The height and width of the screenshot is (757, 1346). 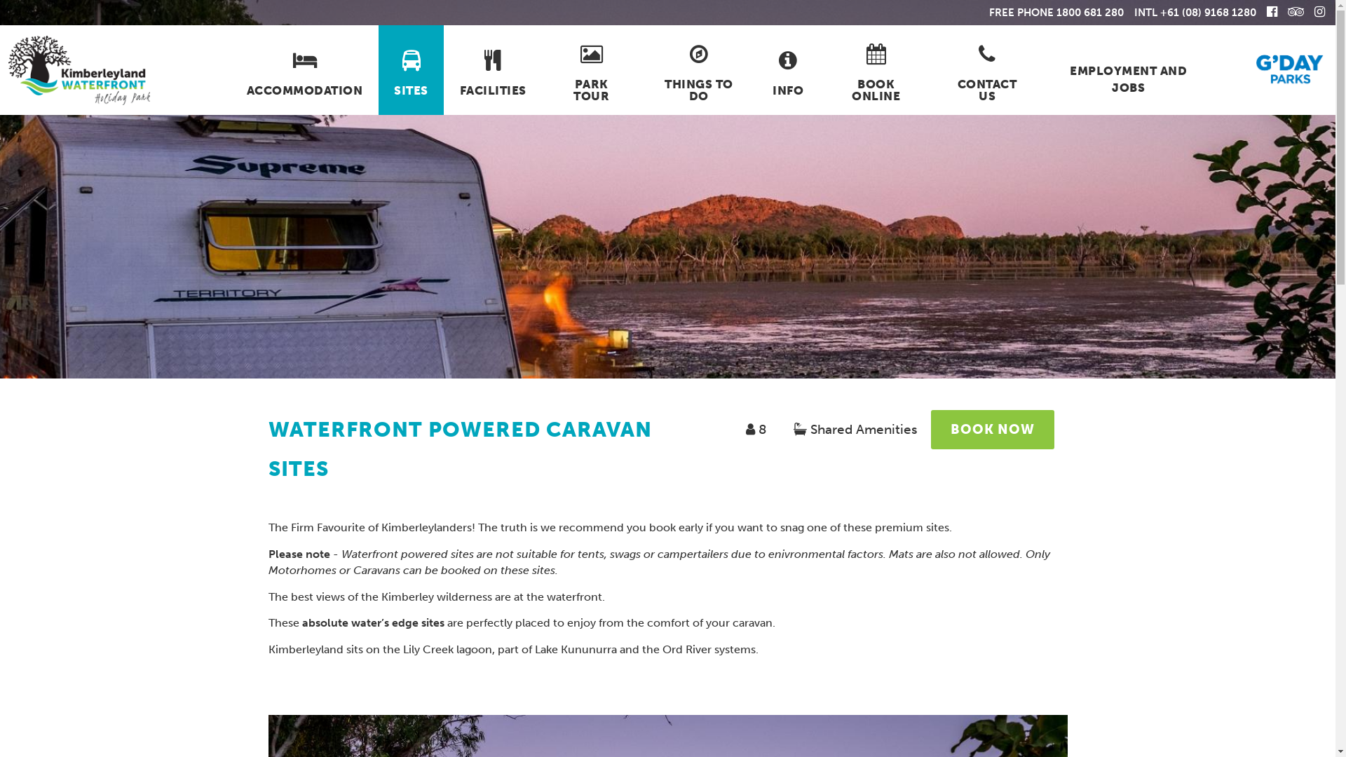 What do you see at coordinates (788, 70) in the screenshot?
I see `'INFO'` at bounding box center [788, 70].